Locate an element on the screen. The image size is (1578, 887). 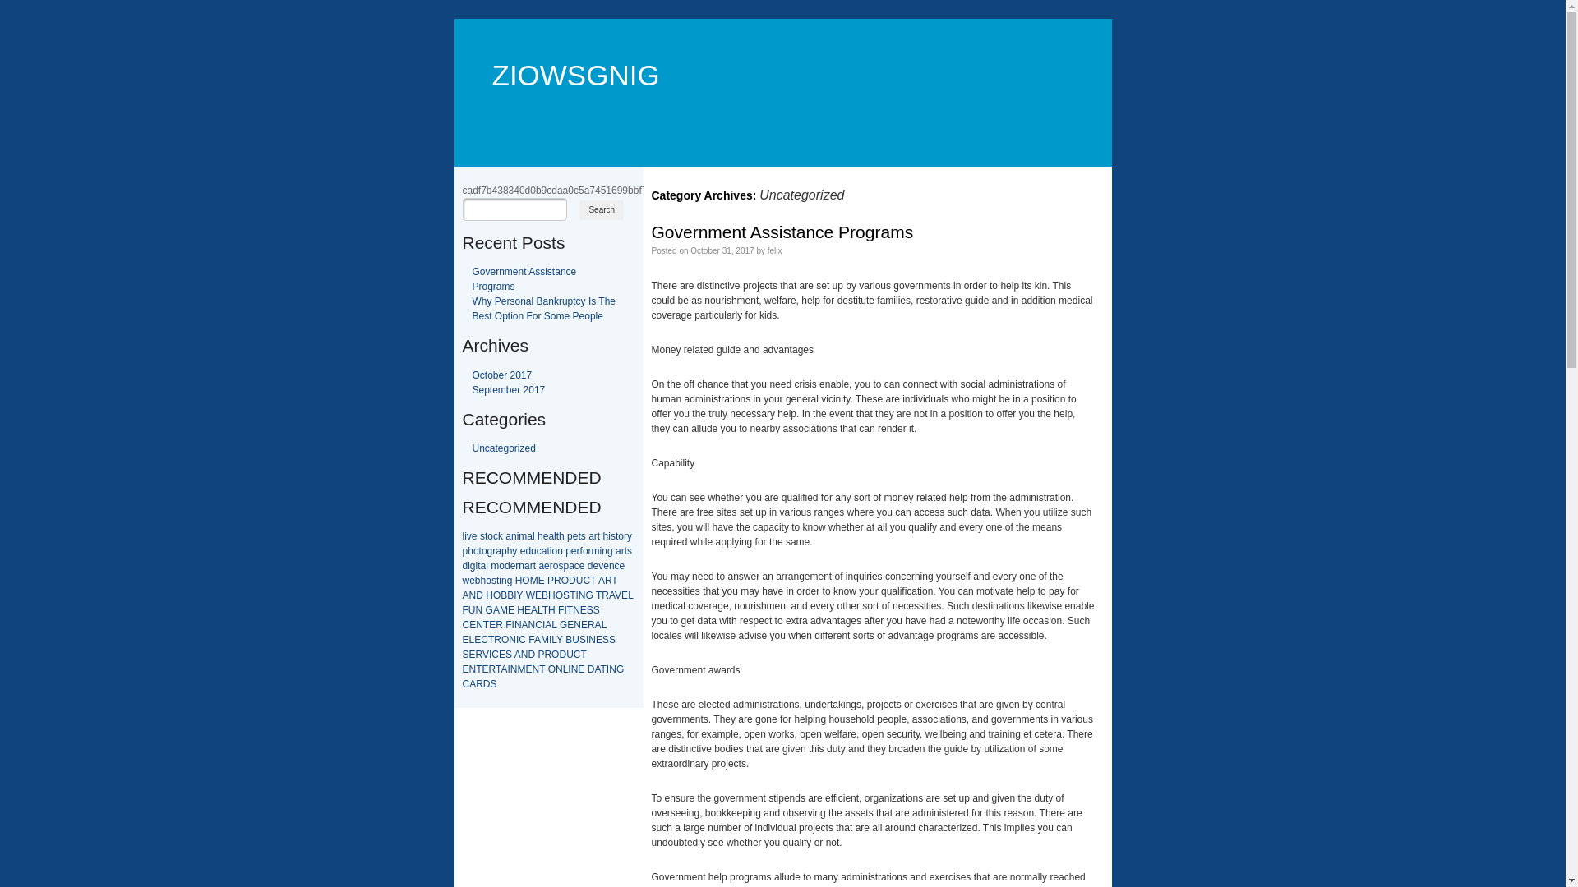
'a' is located at coordinates (571, 565).